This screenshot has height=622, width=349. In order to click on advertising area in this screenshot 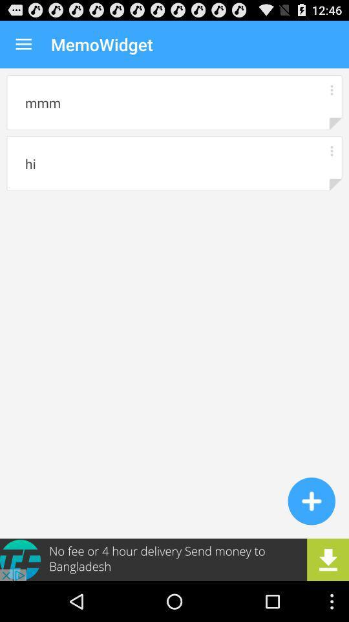, I will do `click(174, 559)`.